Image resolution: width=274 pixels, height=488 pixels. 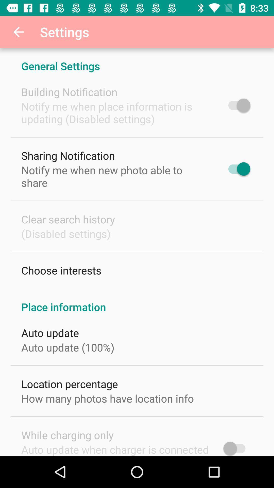 What do you see at coordinates (68, 219) in the screenshot?
I see `the clear search history icon` at bounding box center [68, 219].